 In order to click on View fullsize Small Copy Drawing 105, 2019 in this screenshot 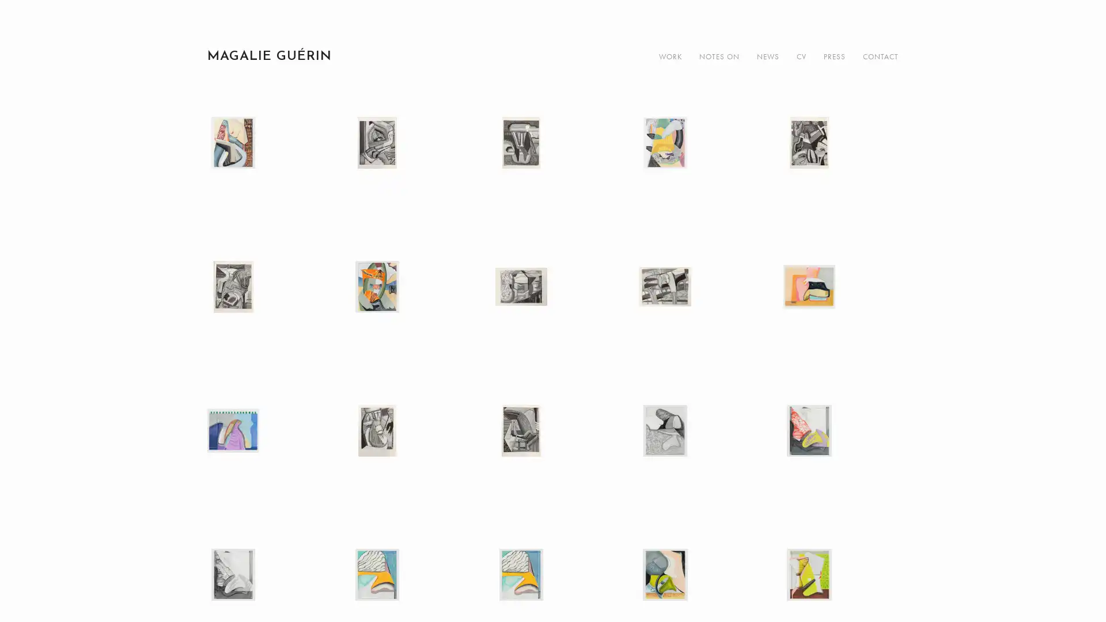, I will do `click(553, 318)`.